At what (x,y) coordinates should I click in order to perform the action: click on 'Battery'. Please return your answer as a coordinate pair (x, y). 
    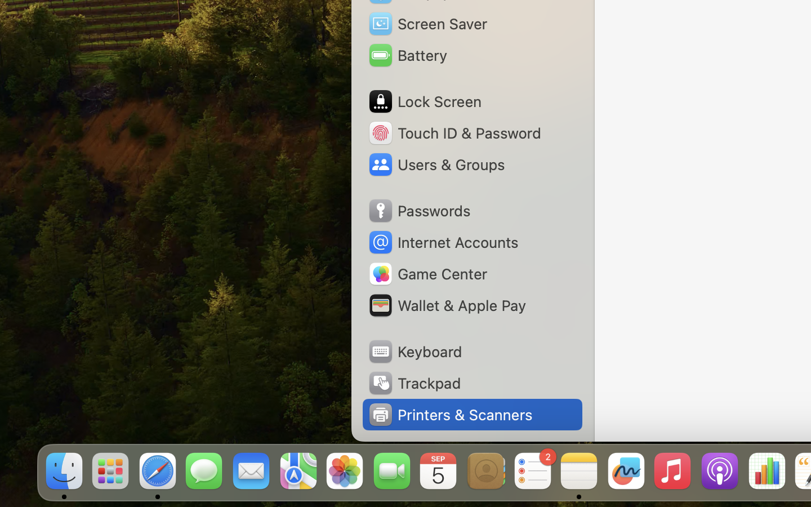
    Looking at the image, I should click on (407, 55).